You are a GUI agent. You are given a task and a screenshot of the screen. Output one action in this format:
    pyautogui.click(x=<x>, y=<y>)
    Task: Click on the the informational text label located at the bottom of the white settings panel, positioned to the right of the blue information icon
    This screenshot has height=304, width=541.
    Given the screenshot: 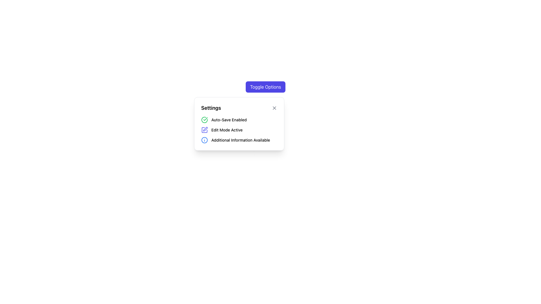 What is the action you would take?
    pyautogui.click(x=241, y=140)
    